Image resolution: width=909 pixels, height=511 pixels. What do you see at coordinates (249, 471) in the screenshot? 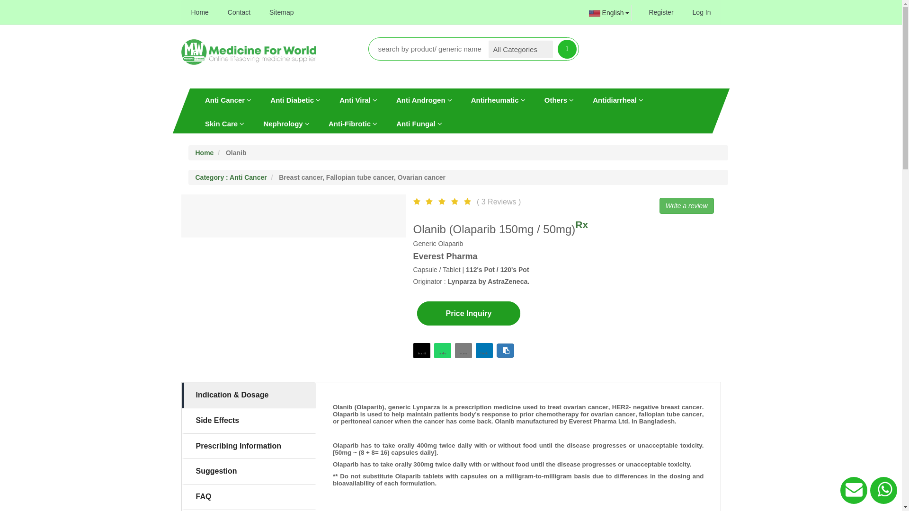
I see `'Suggestion'` at bounding box center [249, 471].